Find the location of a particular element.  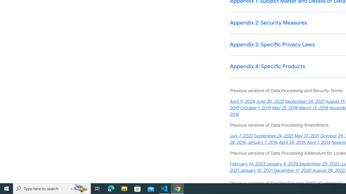

'July 7, 2022' is located at coordinates (241, 136).